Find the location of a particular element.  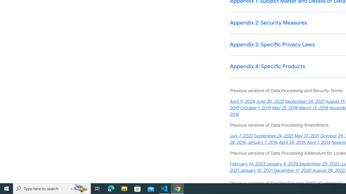

'July 7, 2022' is located at coordinates (241, 136).